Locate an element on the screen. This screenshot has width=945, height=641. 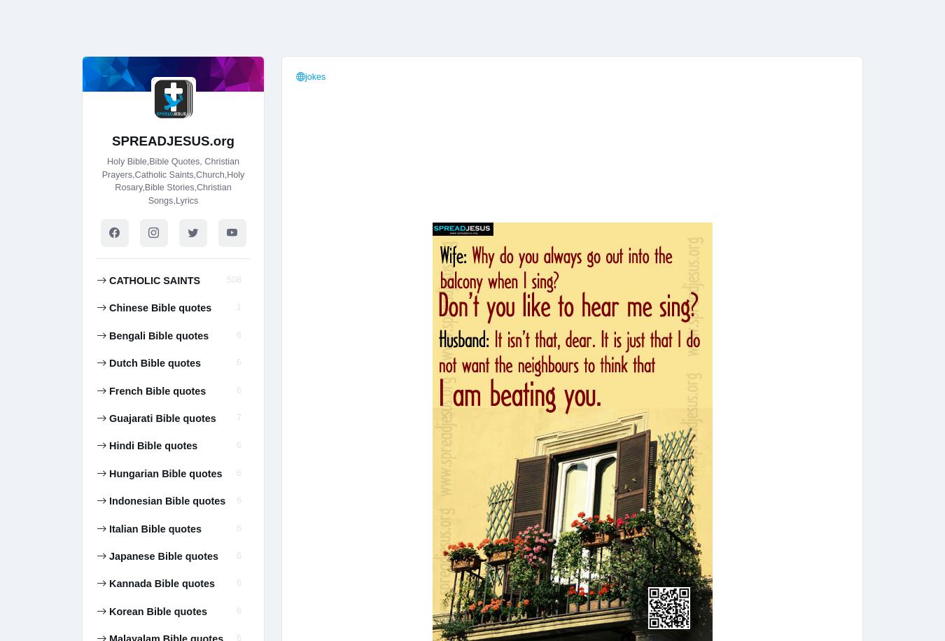
'125' is located at coordinates (225, 9).